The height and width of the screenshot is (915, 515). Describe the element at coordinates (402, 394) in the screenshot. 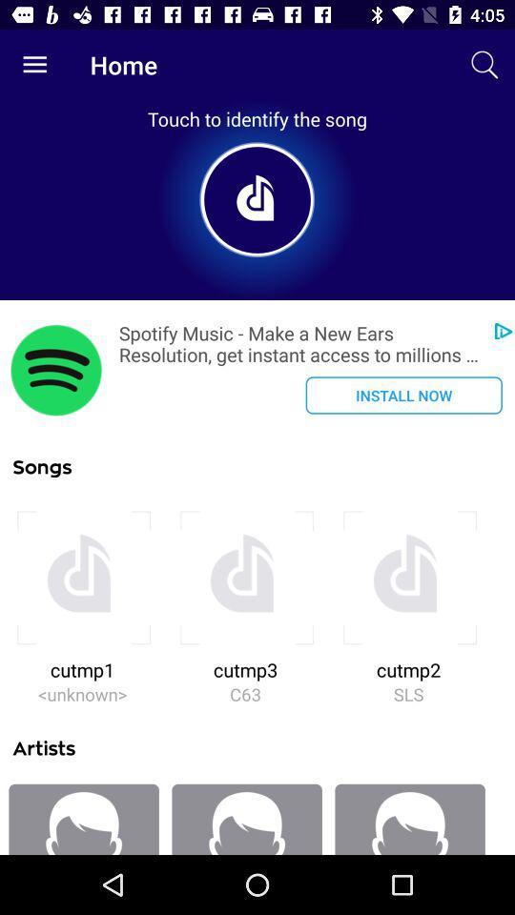

I see `install now item` at that location.